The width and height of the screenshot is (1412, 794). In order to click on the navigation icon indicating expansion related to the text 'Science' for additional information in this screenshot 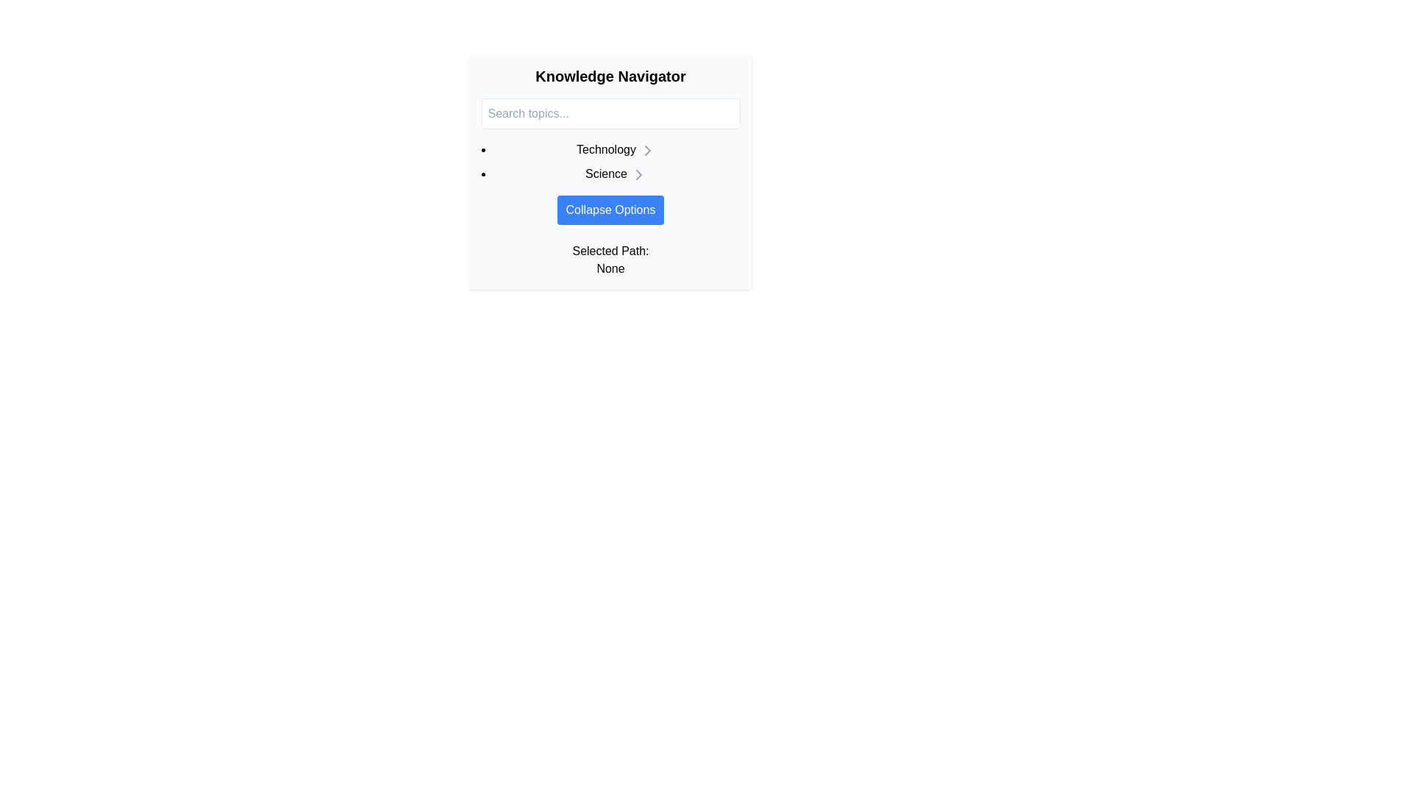, I will do `click(638, 174)`.